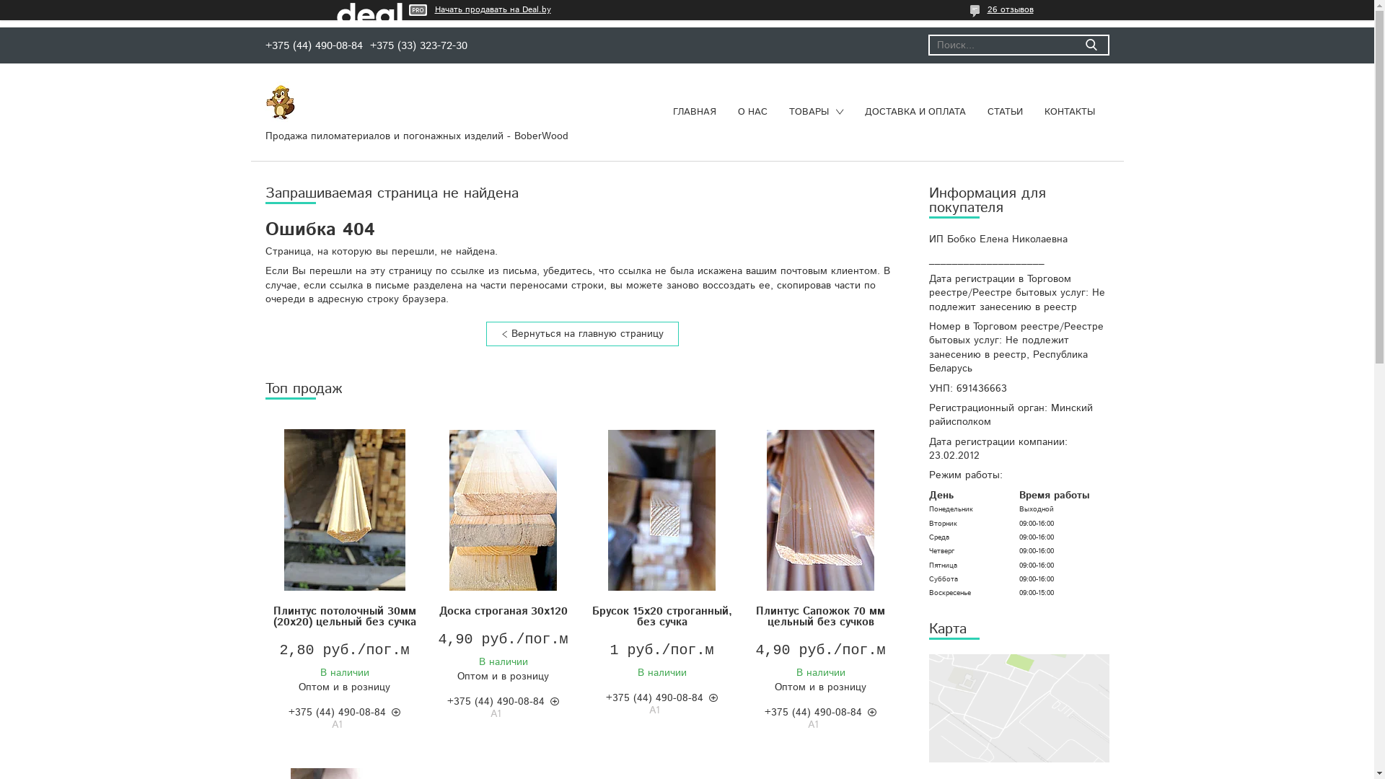  I want to click on 'BoberWood', so click(280, 101).